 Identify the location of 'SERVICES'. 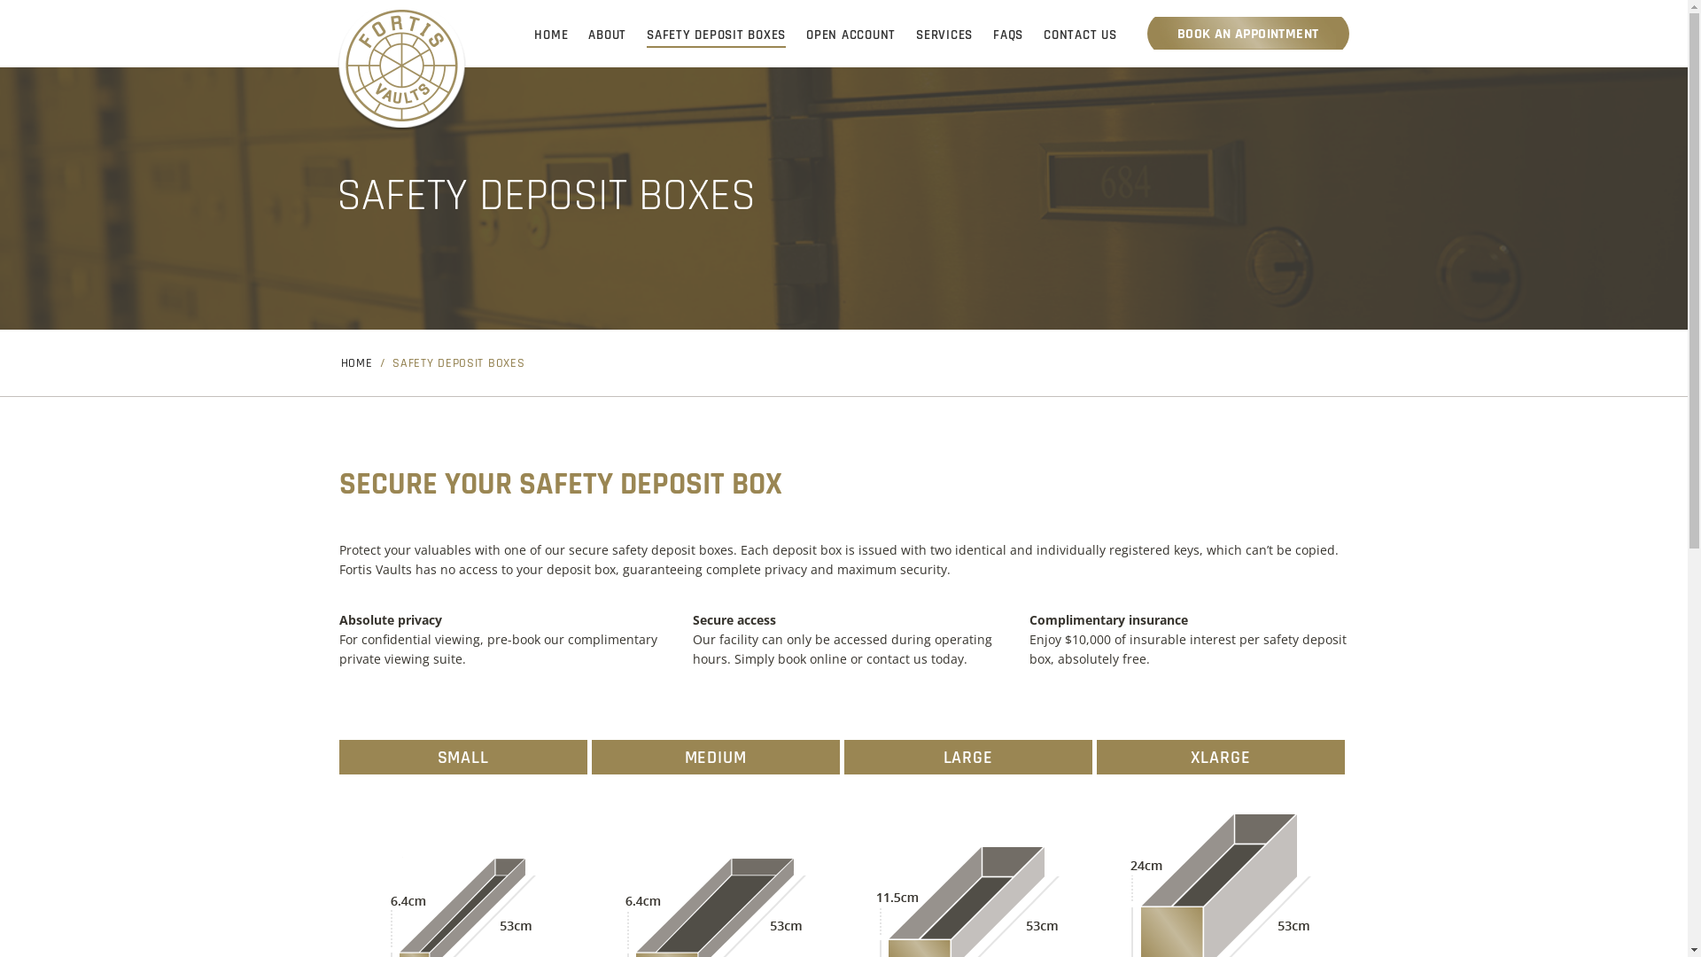
(943, 35).